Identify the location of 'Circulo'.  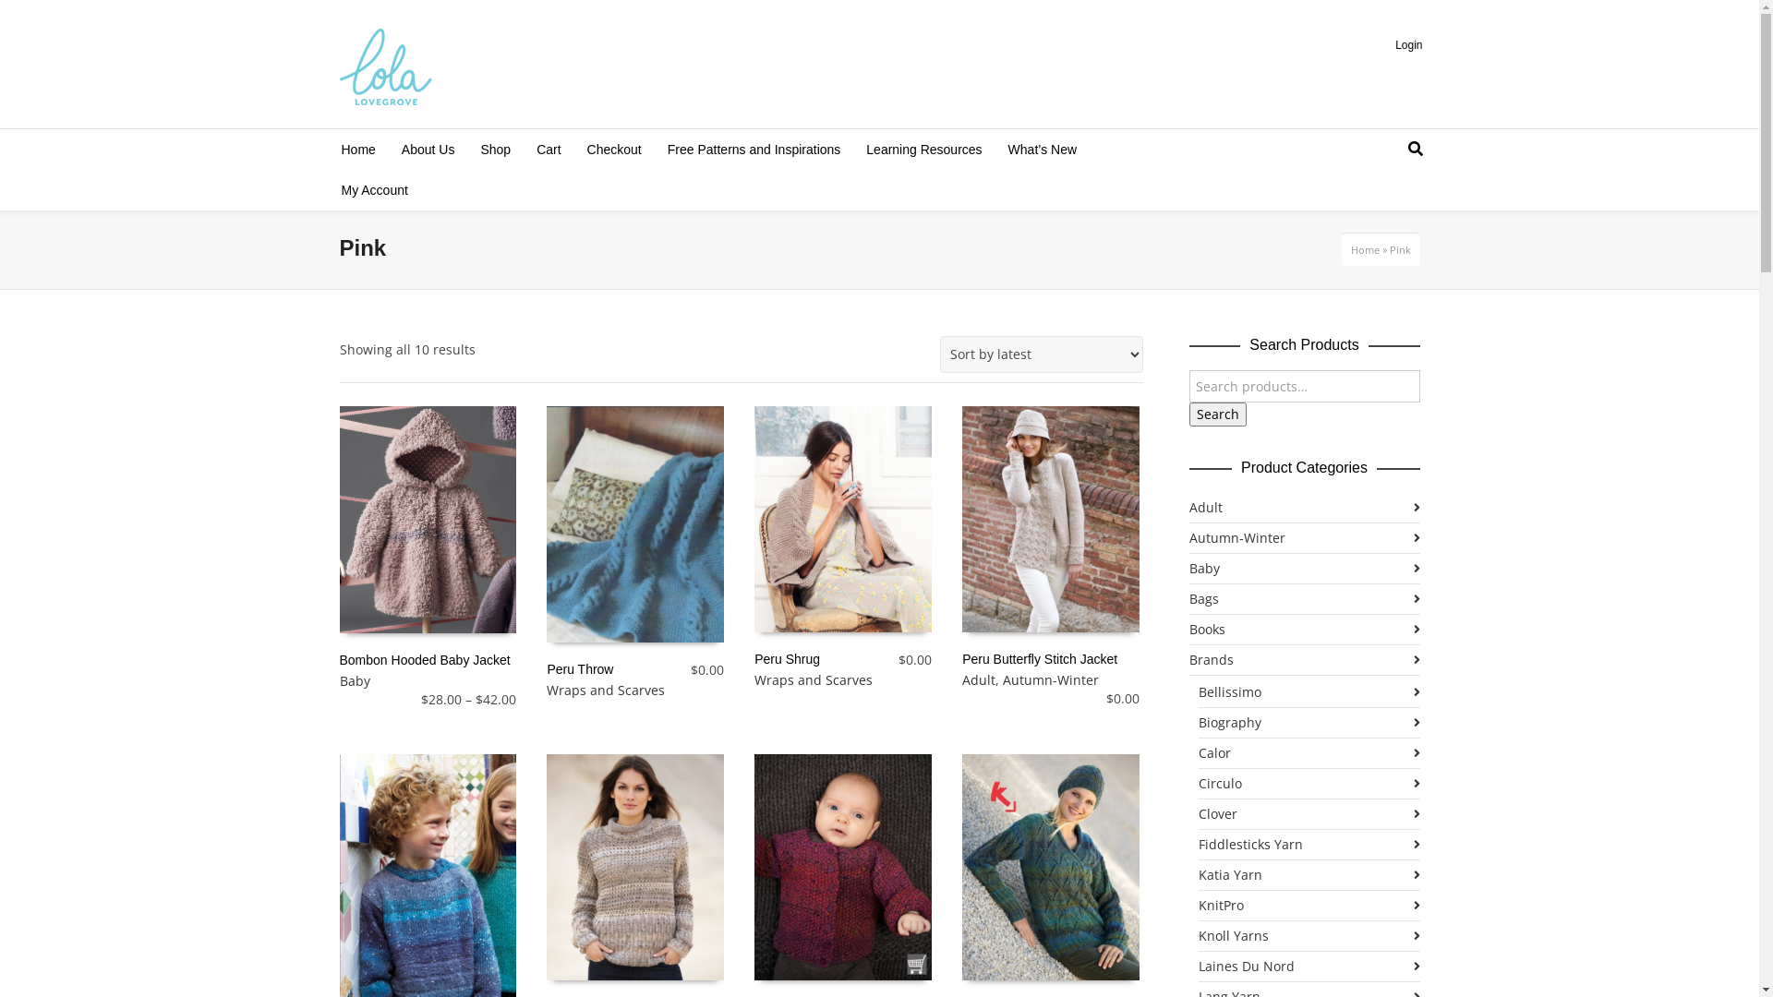
(1198, 783).